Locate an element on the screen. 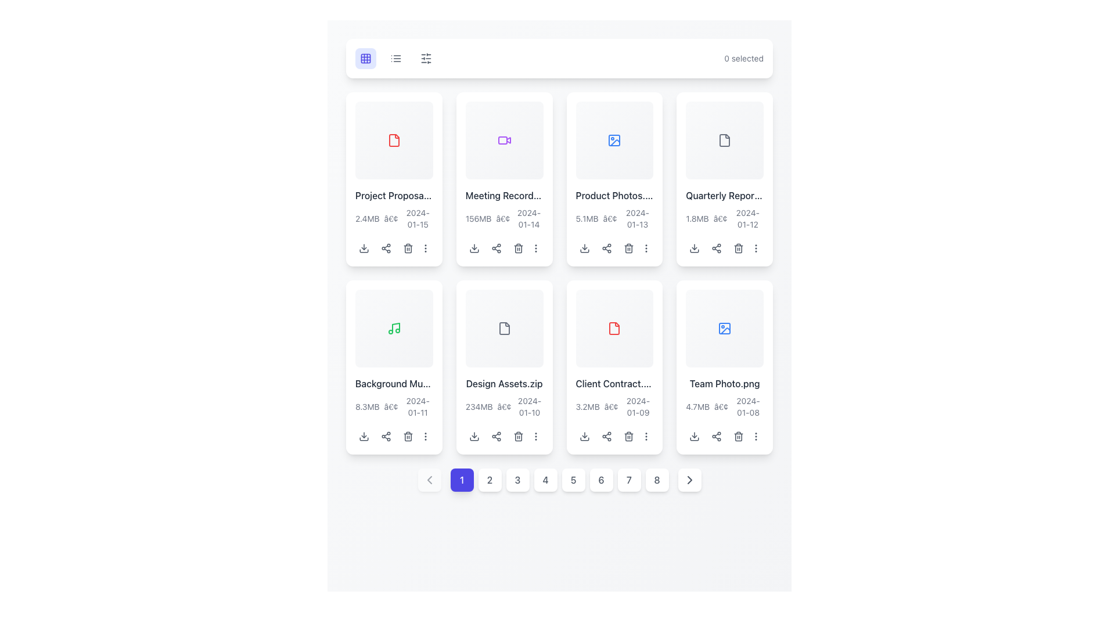 Image resolution: width=1115 pixels, height=627 pixels. the pagination button labeled '8' at the bottom center of the layout is located at coordinates (657, 480).